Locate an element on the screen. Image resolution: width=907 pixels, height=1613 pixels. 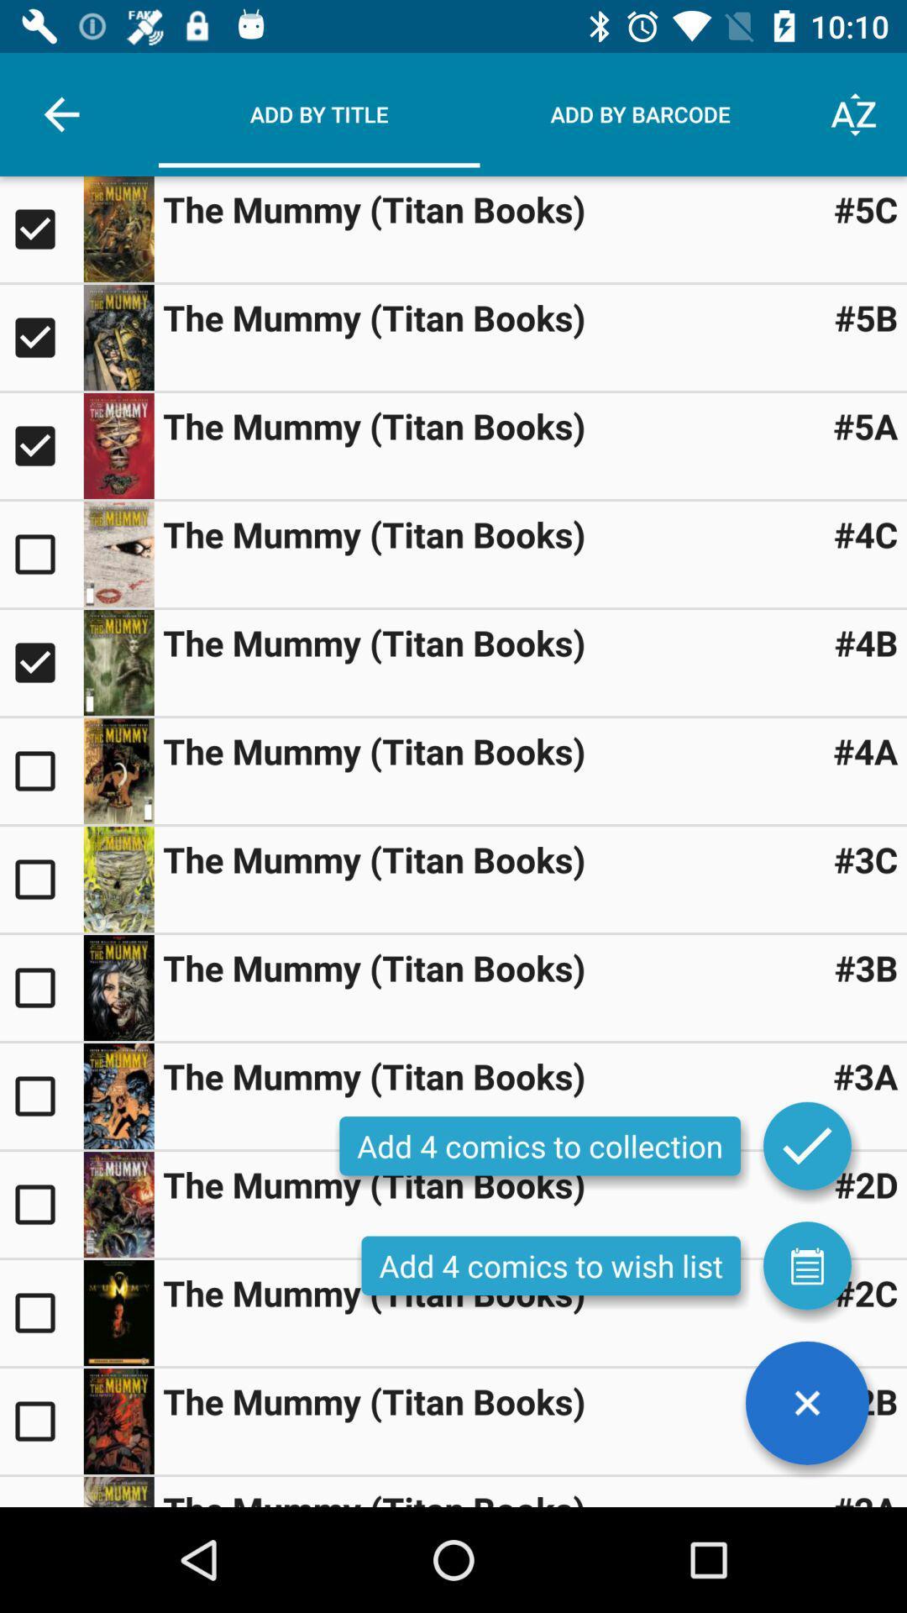
icon next to the mummy titan is located at coordinates (865, 1076).